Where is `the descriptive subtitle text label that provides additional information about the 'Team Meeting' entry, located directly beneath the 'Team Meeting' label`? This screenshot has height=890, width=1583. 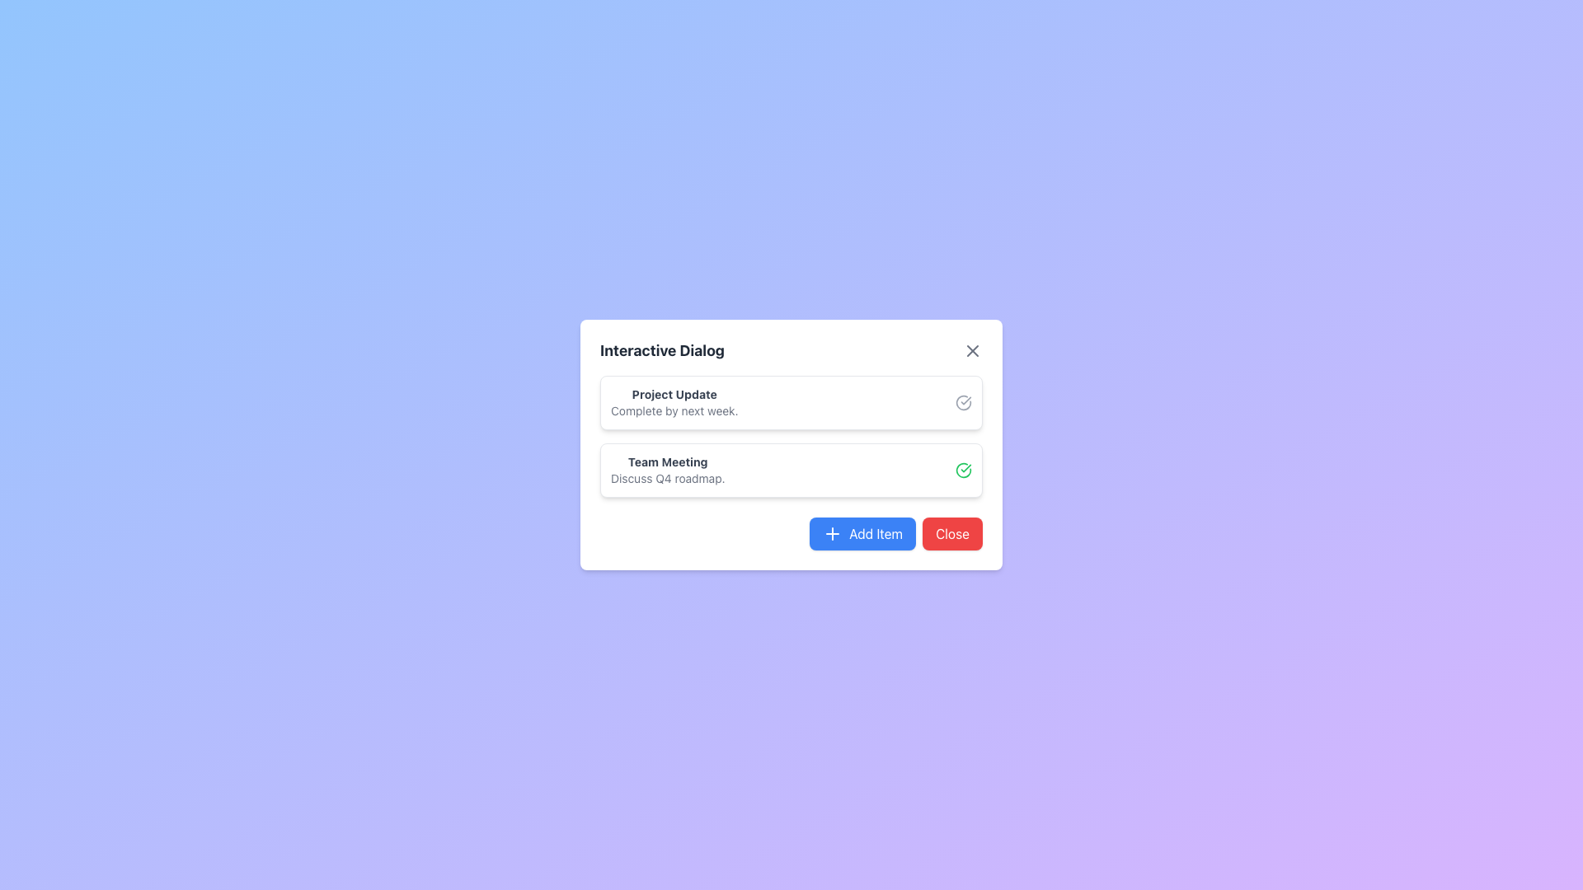 the descriptive subtitle text label that provides additional information about the 'Team Meeting' entry, located directly beneath the 'Team Meeting' label is located at coordinates (668, 479).